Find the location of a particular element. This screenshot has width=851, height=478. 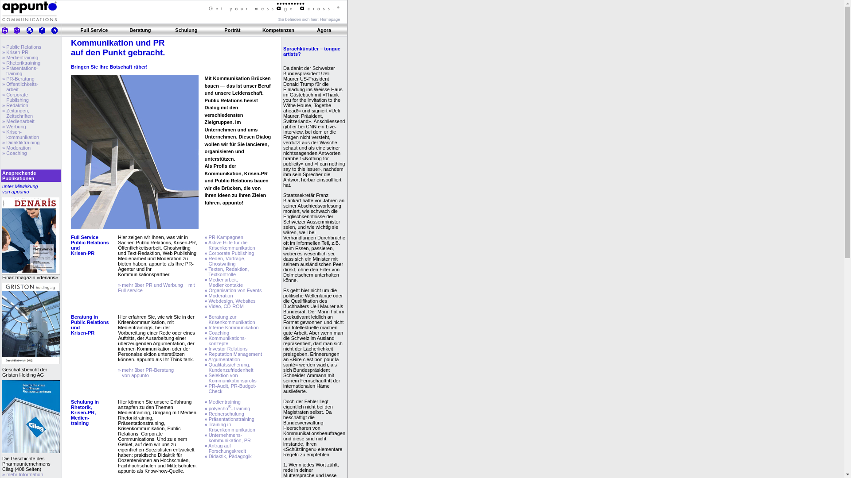

' Redaktion' is located at coordinates (16, 105).